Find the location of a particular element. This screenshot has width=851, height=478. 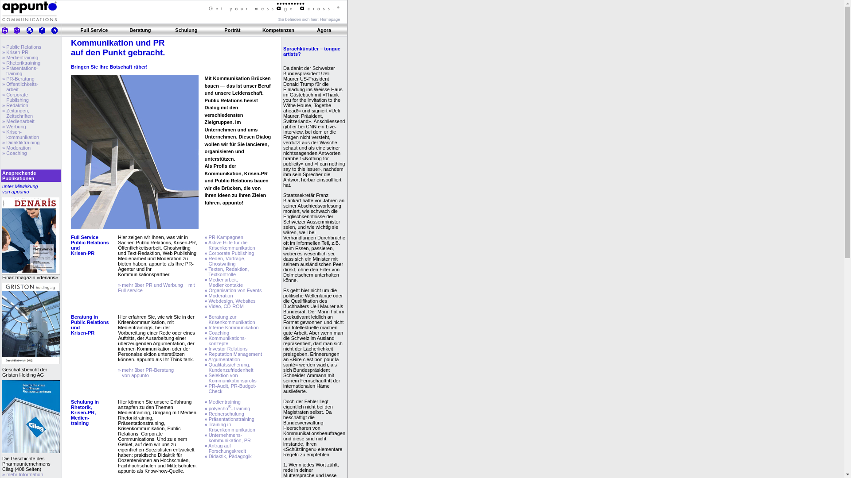

' Redaktion' is located at coordinates (16, 105).